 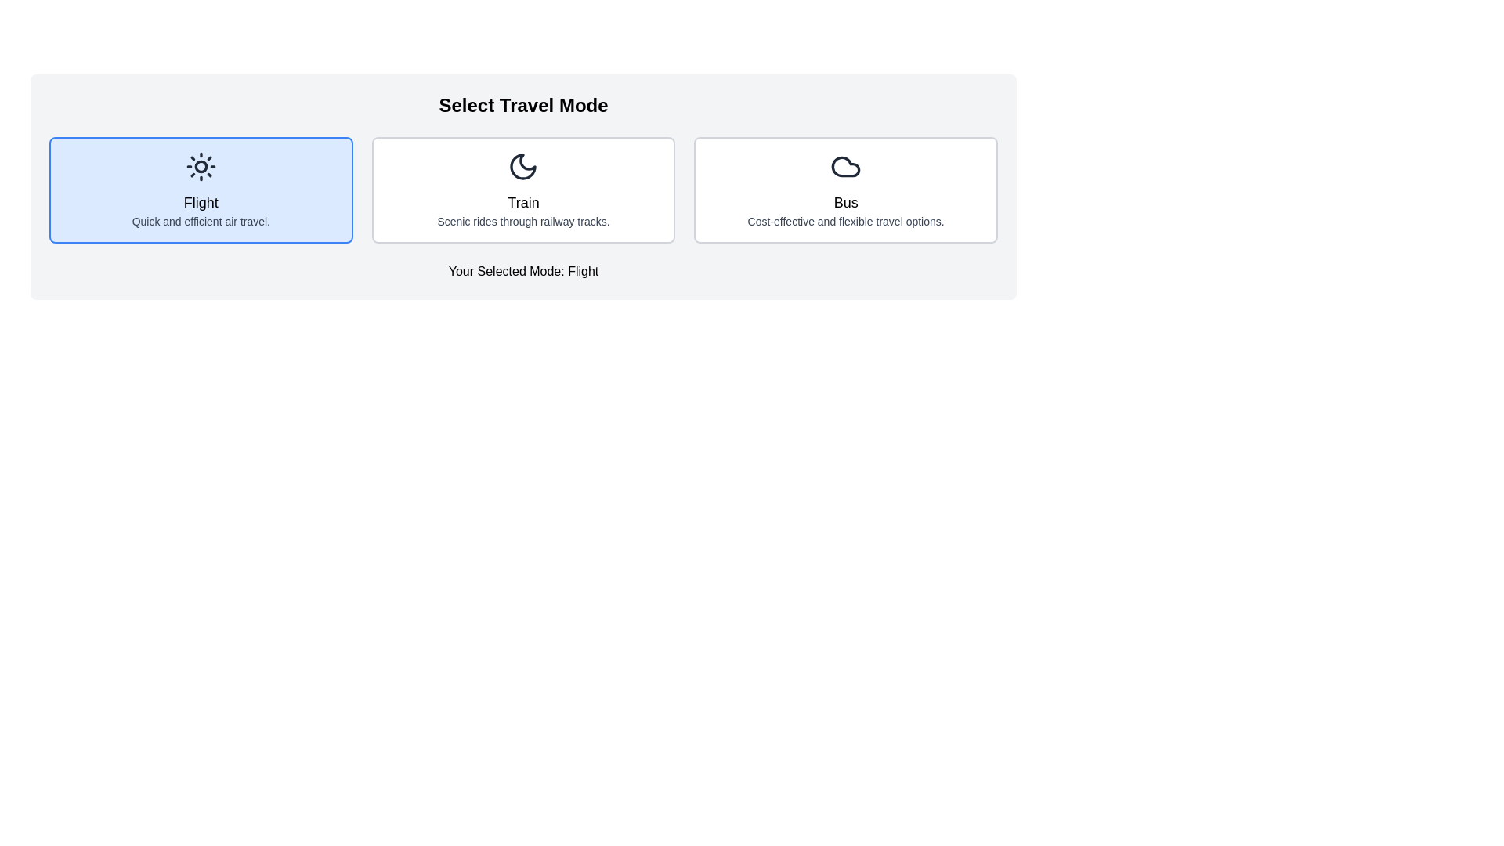 What do you see at coordinates (845, 201) in the screenshot?
I see `the Text label displaying 'Bus' which is located in the rightmost card of a horizontal row, centered beneath a cloud icon and above a smaller description` at bounding box center [845, 201].